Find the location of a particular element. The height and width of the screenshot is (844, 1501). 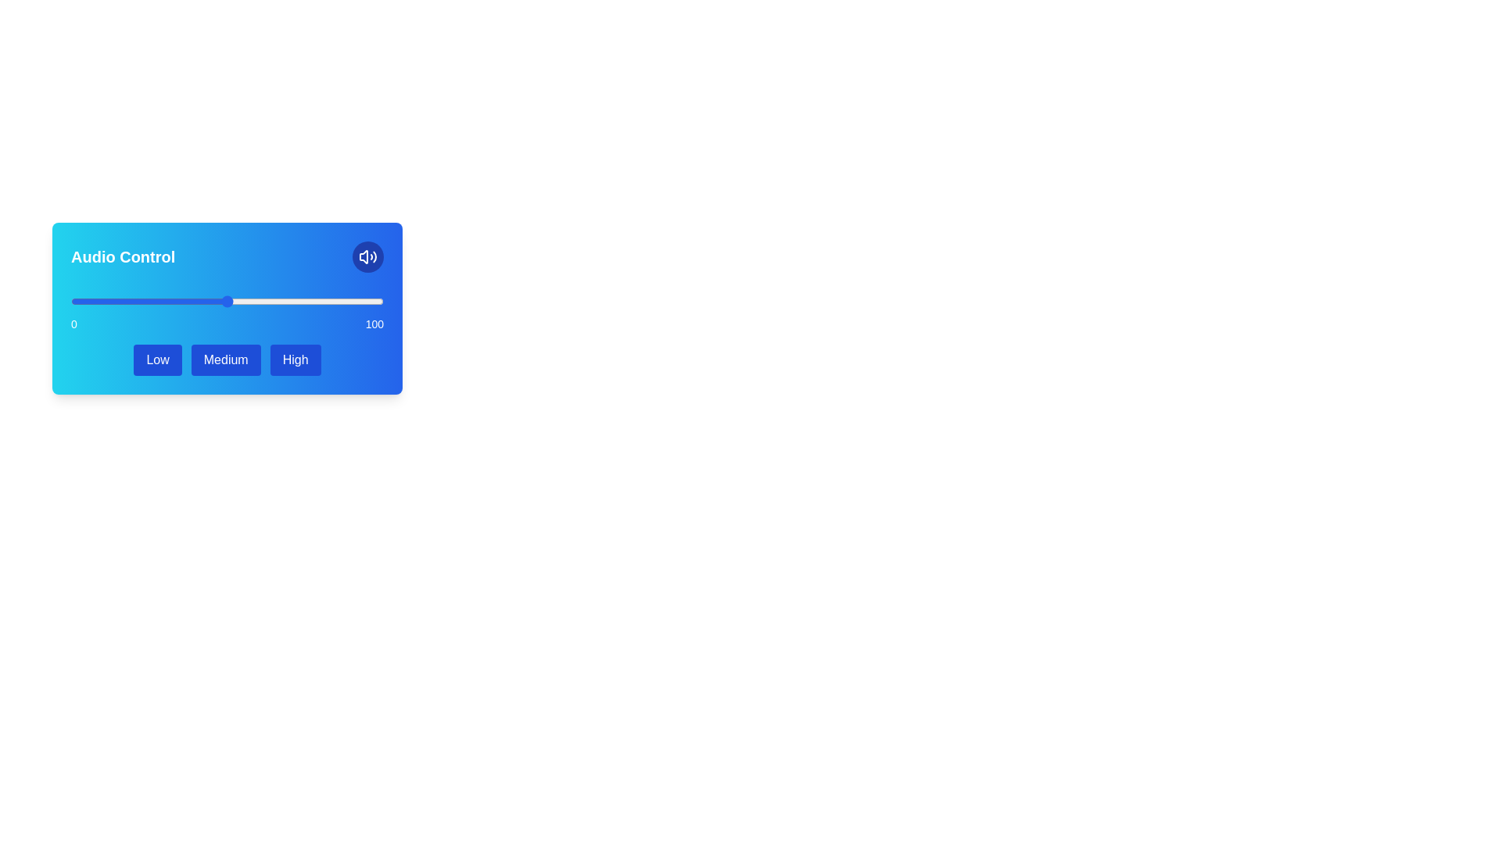

the speaker icon with sound waves, which is styled with bold strokes and placed on a circular blue background in the top-right corner of the 'Audio Control' interface is located at coordinates (367, 256).